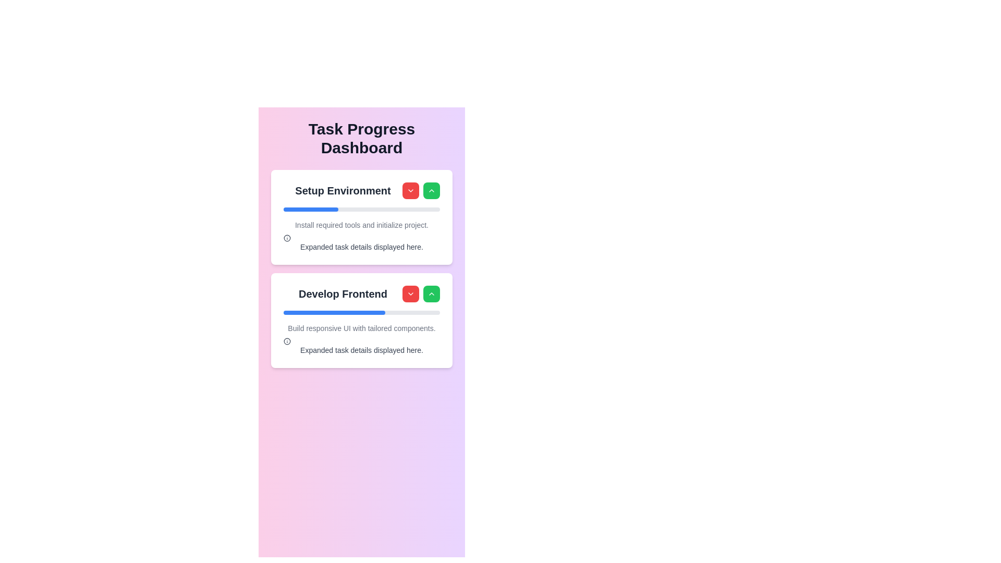 Image resolution: width=1001 pixels, height=563 pixels. I want to click on the textual content block that contains the lines 'Build responsive UI with tailored components' and 'Expanded task details displayed here,' located below the progress bar in the 'Develop Frontend' card, so click(362, 339).